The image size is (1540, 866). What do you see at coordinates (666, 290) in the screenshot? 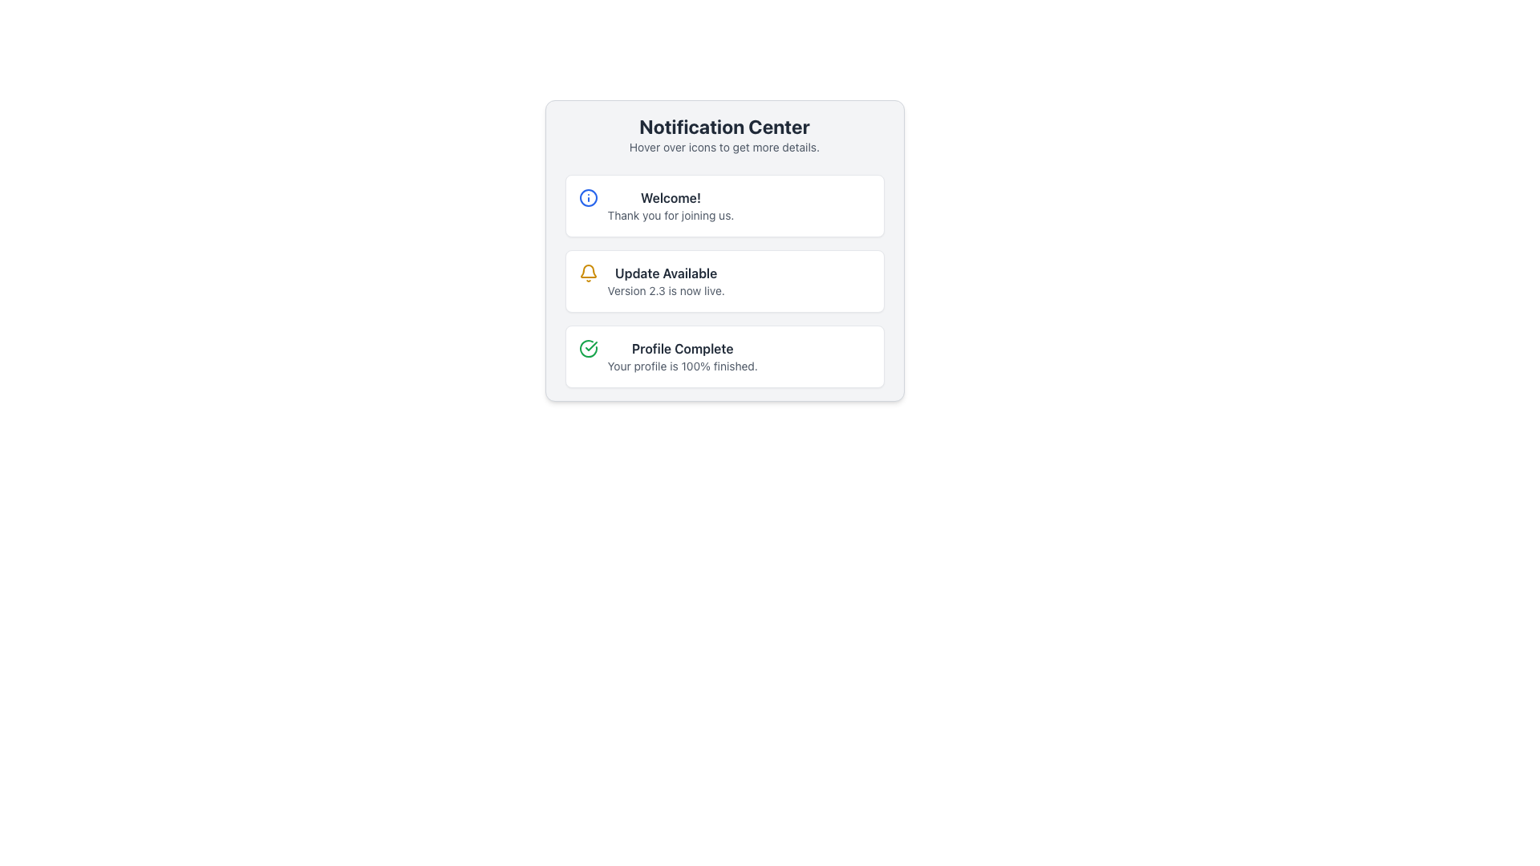
I see `the informational text displaying 'Version 2.3 is now live.' located beneath the header 'Update Available' in the second notification card` at bounding box center [666, 290].